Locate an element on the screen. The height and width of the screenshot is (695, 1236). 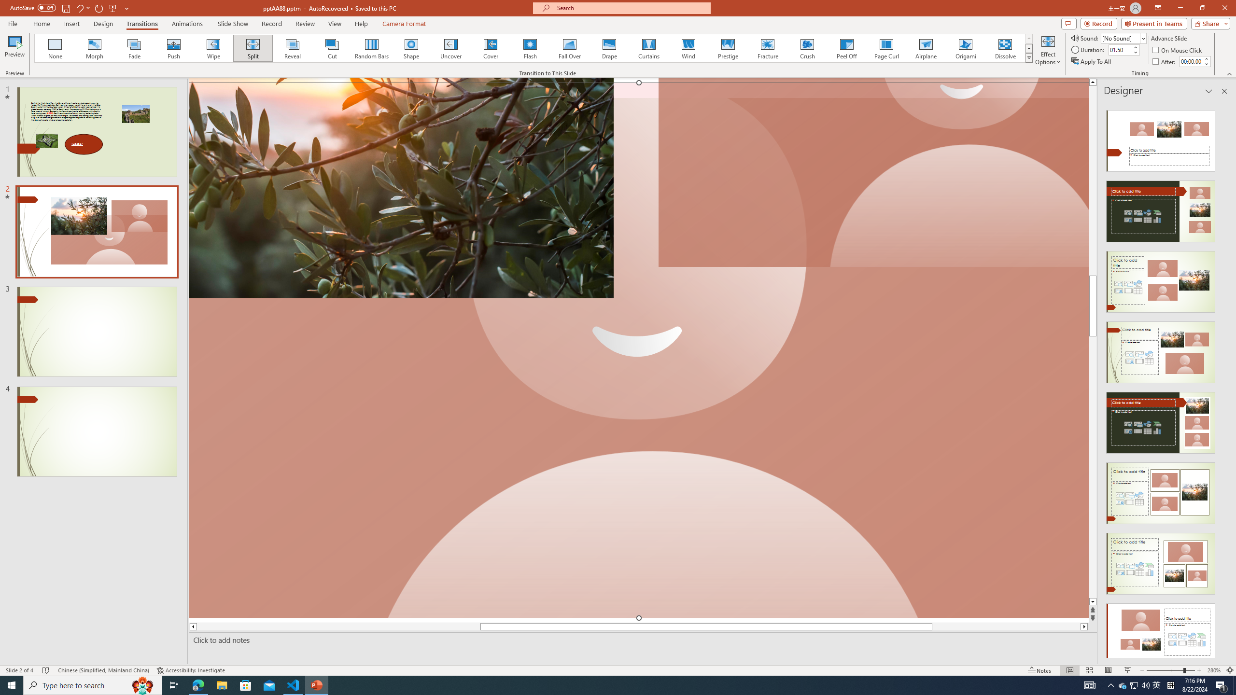
'Fade' is located at coordinates (134, 48).